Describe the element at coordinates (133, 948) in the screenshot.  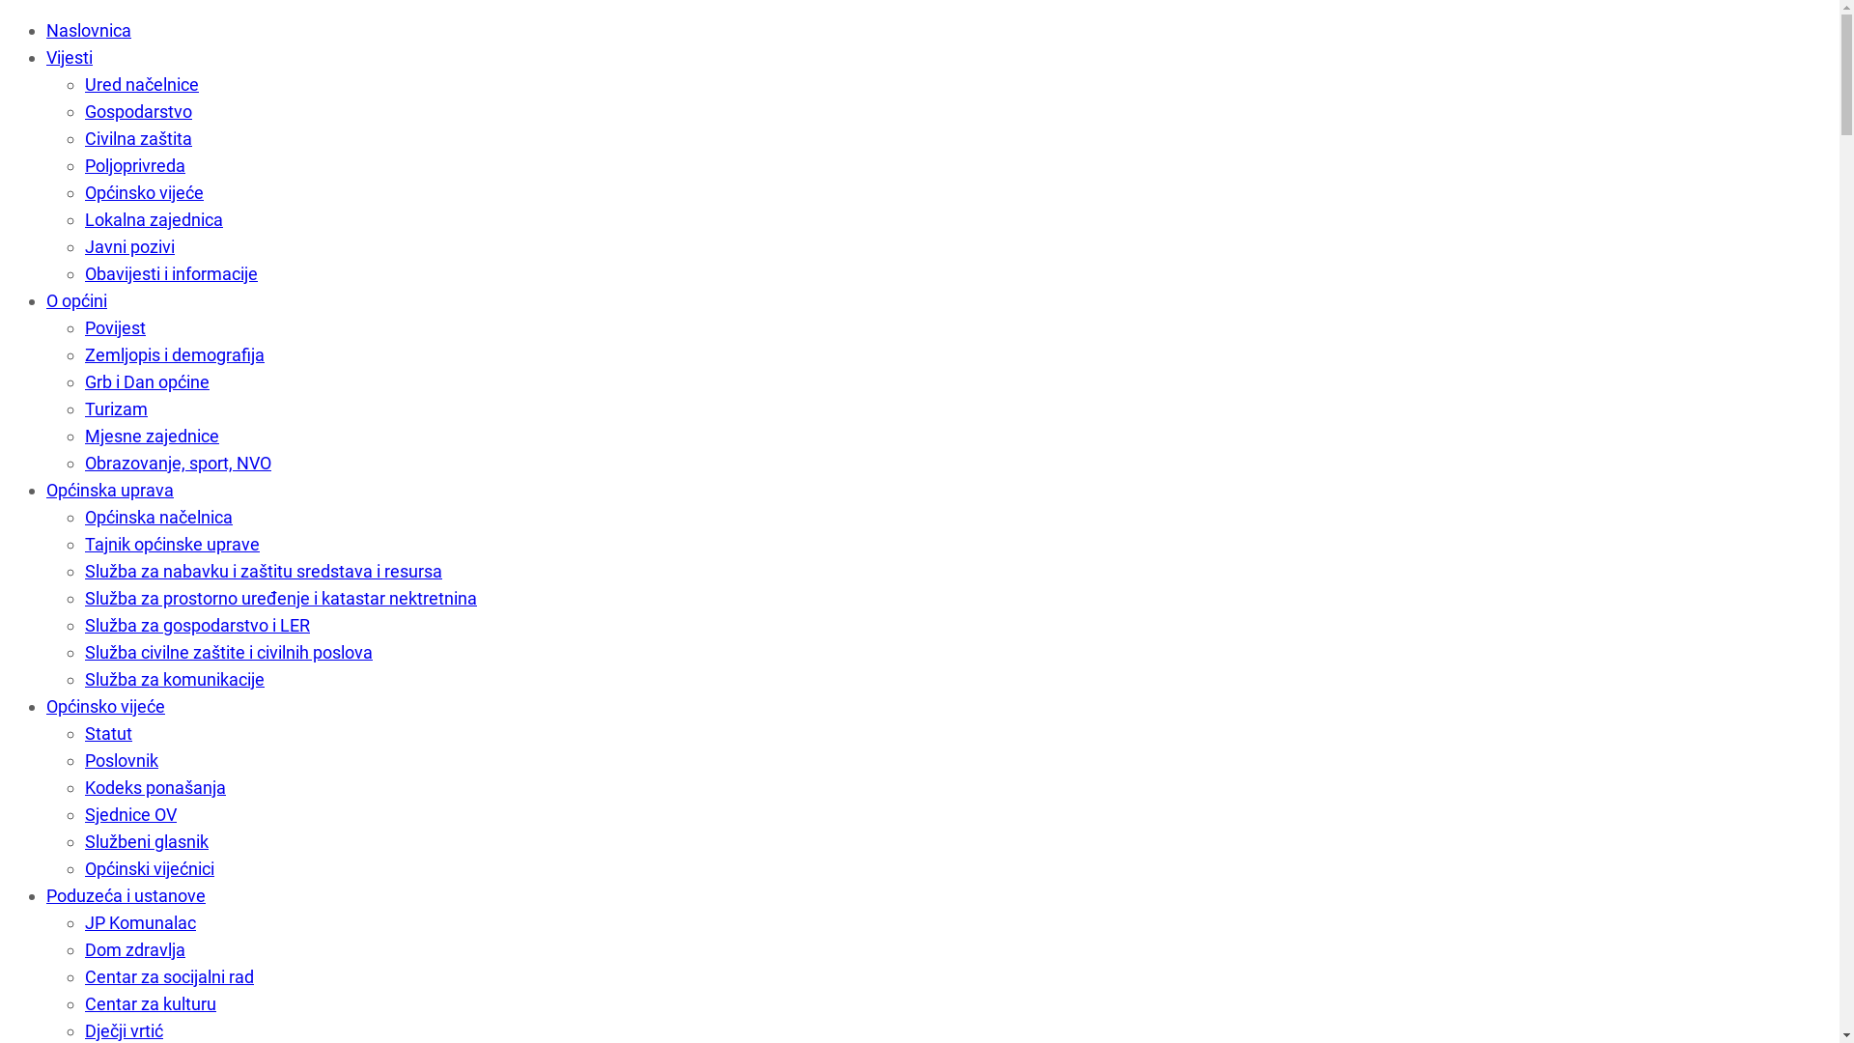
I see `'Dom zdravlja'` at that location.